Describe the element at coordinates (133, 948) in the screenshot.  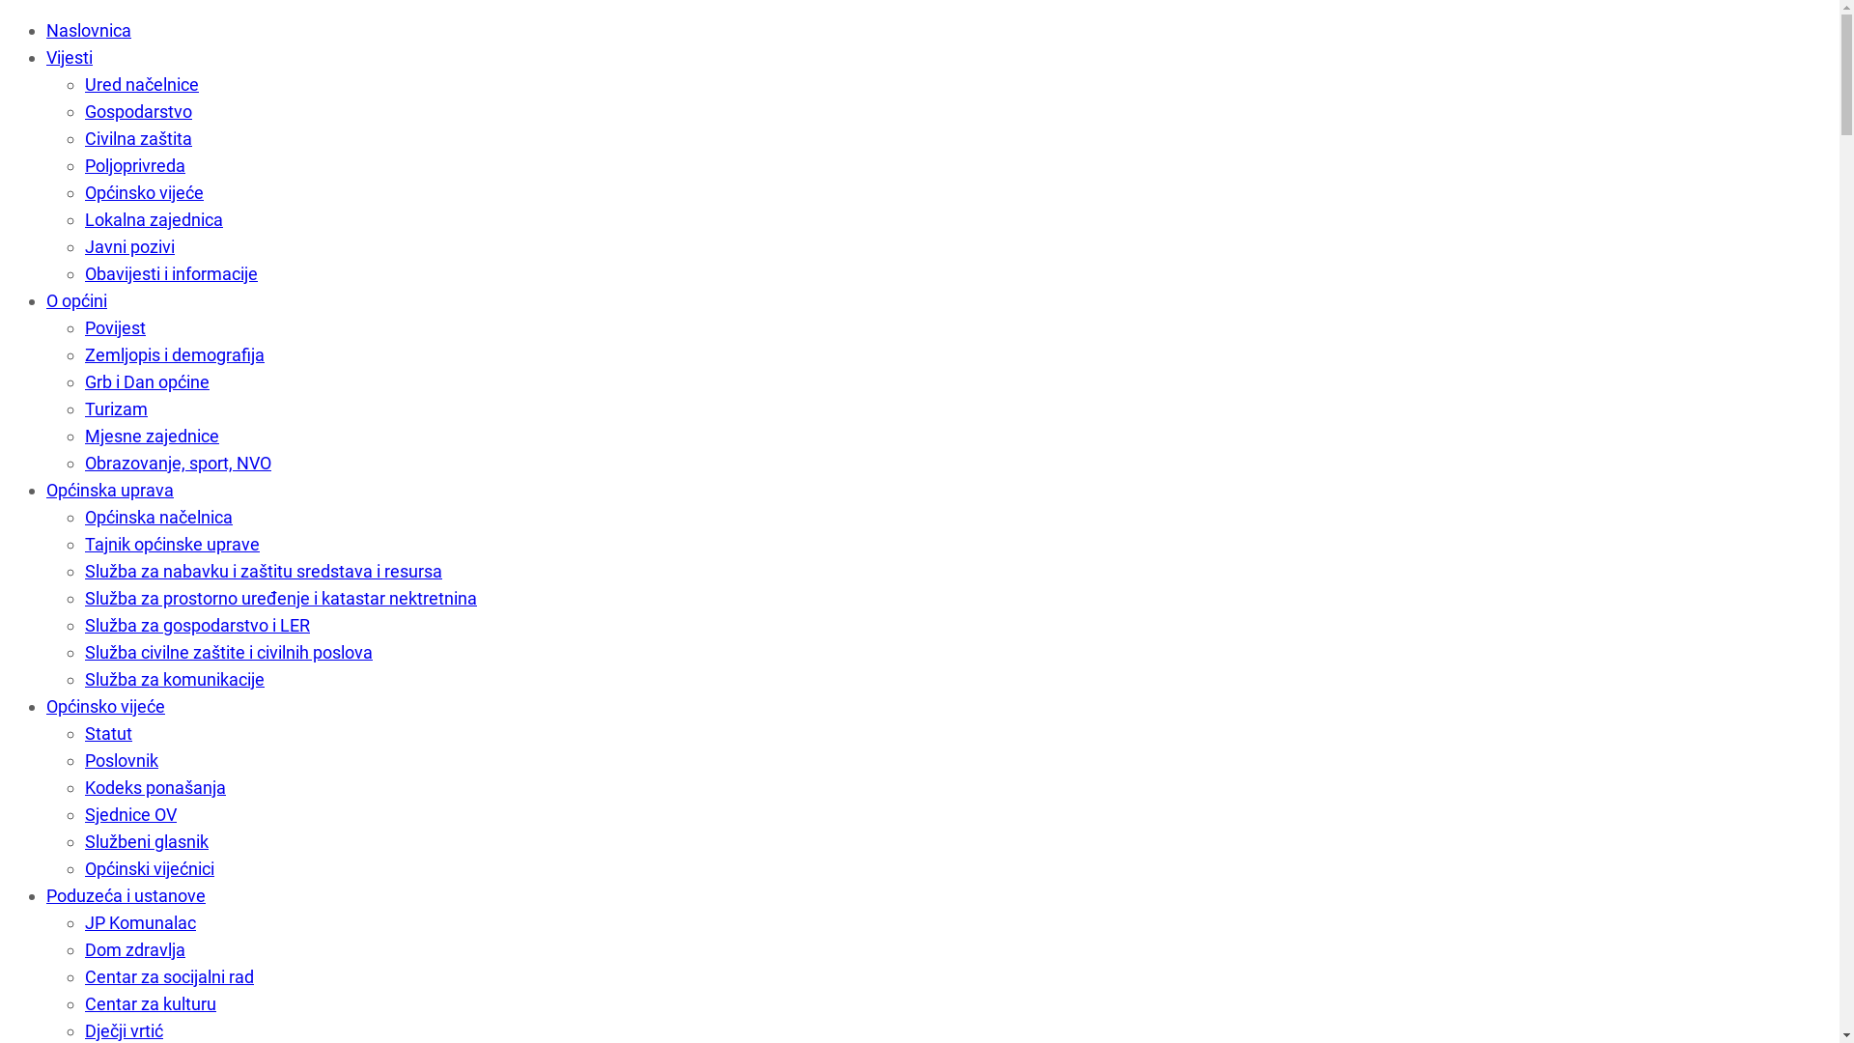
I see `'Dom zdravlja'` at that location.